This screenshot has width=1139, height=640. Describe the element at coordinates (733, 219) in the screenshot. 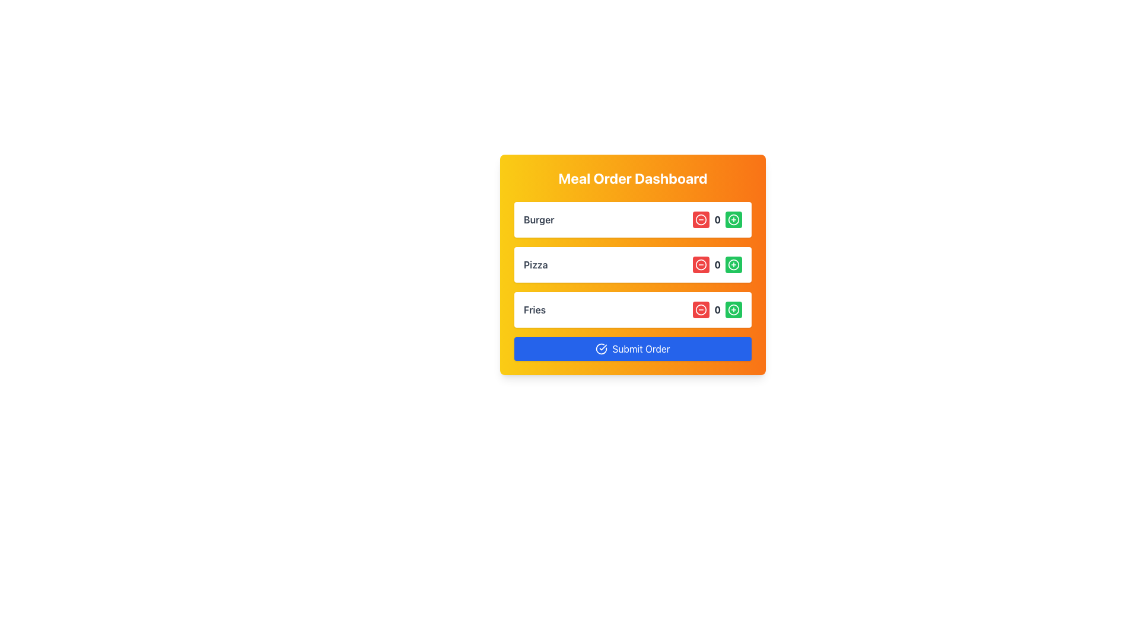

I see `the button that increases the quantity of the 'Burger' item in the Meal Order Dashboard, located in the top right corner of the 'Burger' row` at that location.